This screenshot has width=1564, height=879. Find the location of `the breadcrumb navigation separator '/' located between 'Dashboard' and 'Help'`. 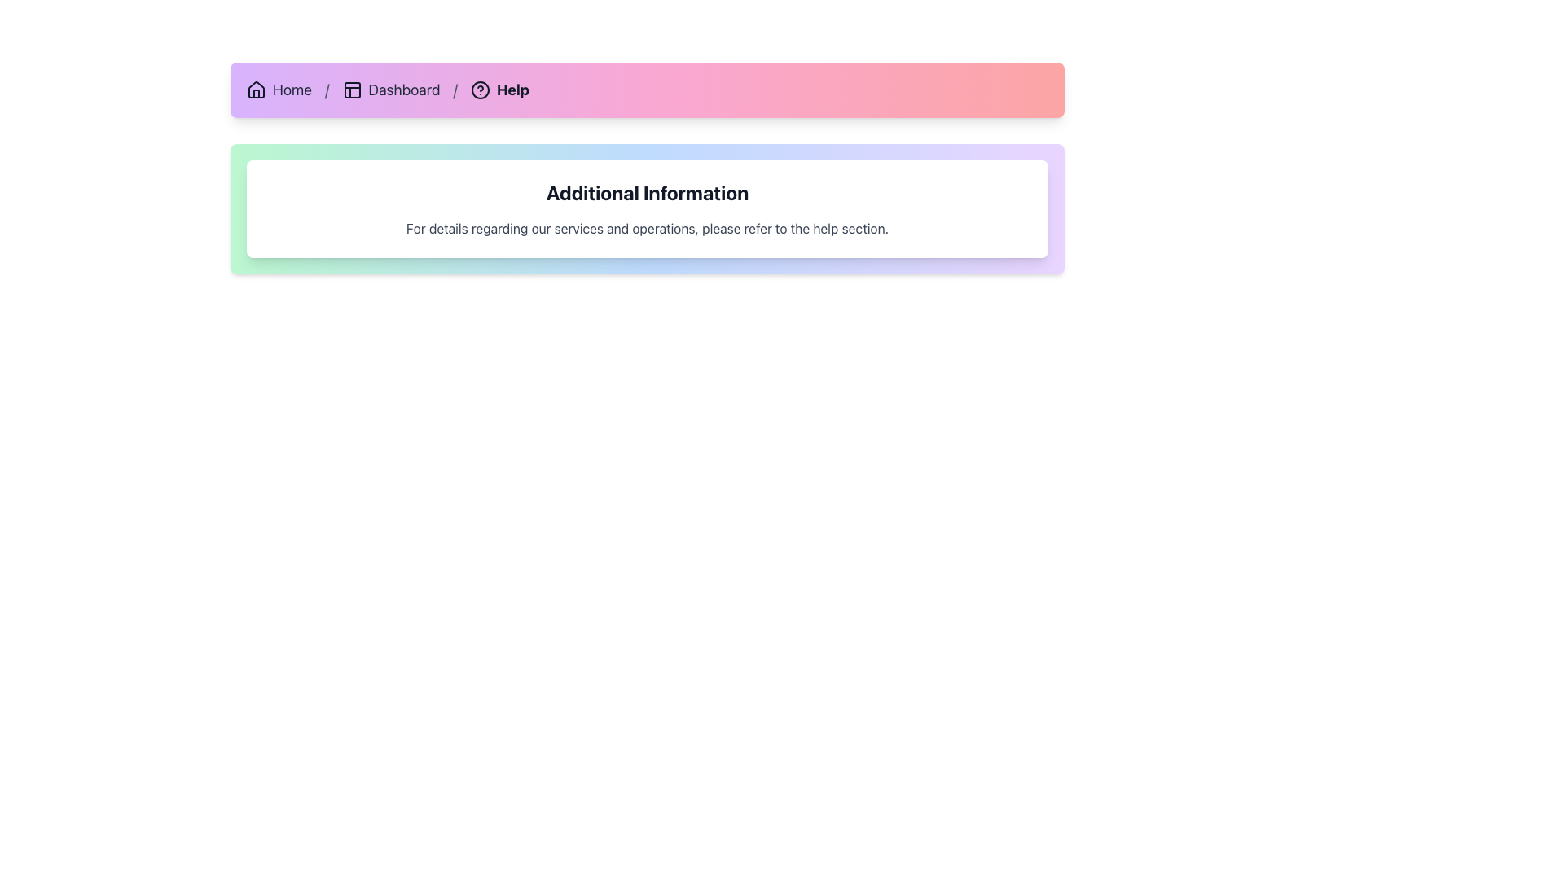

the breadcrumb navigation separator '/' located between 'Dashboard' and 'Help' is located at coordinates (455, 90).